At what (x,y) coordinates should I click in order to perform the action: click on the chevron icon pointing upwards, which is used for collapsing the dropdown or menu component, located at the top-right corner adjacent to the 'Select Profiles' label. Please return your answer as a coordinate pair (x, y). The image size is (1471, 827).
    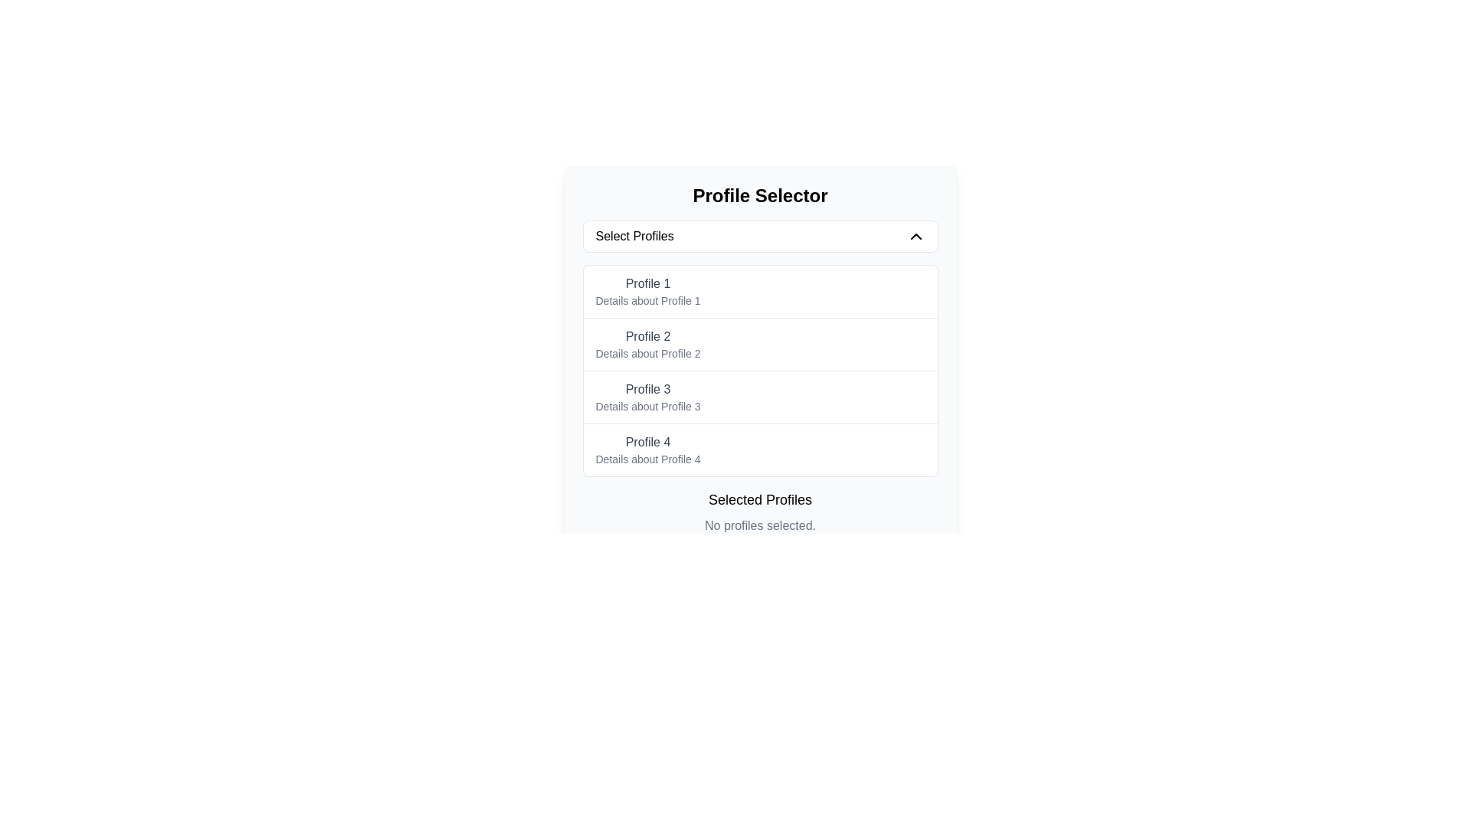
    Looking at the image, I should click on (916, 236).